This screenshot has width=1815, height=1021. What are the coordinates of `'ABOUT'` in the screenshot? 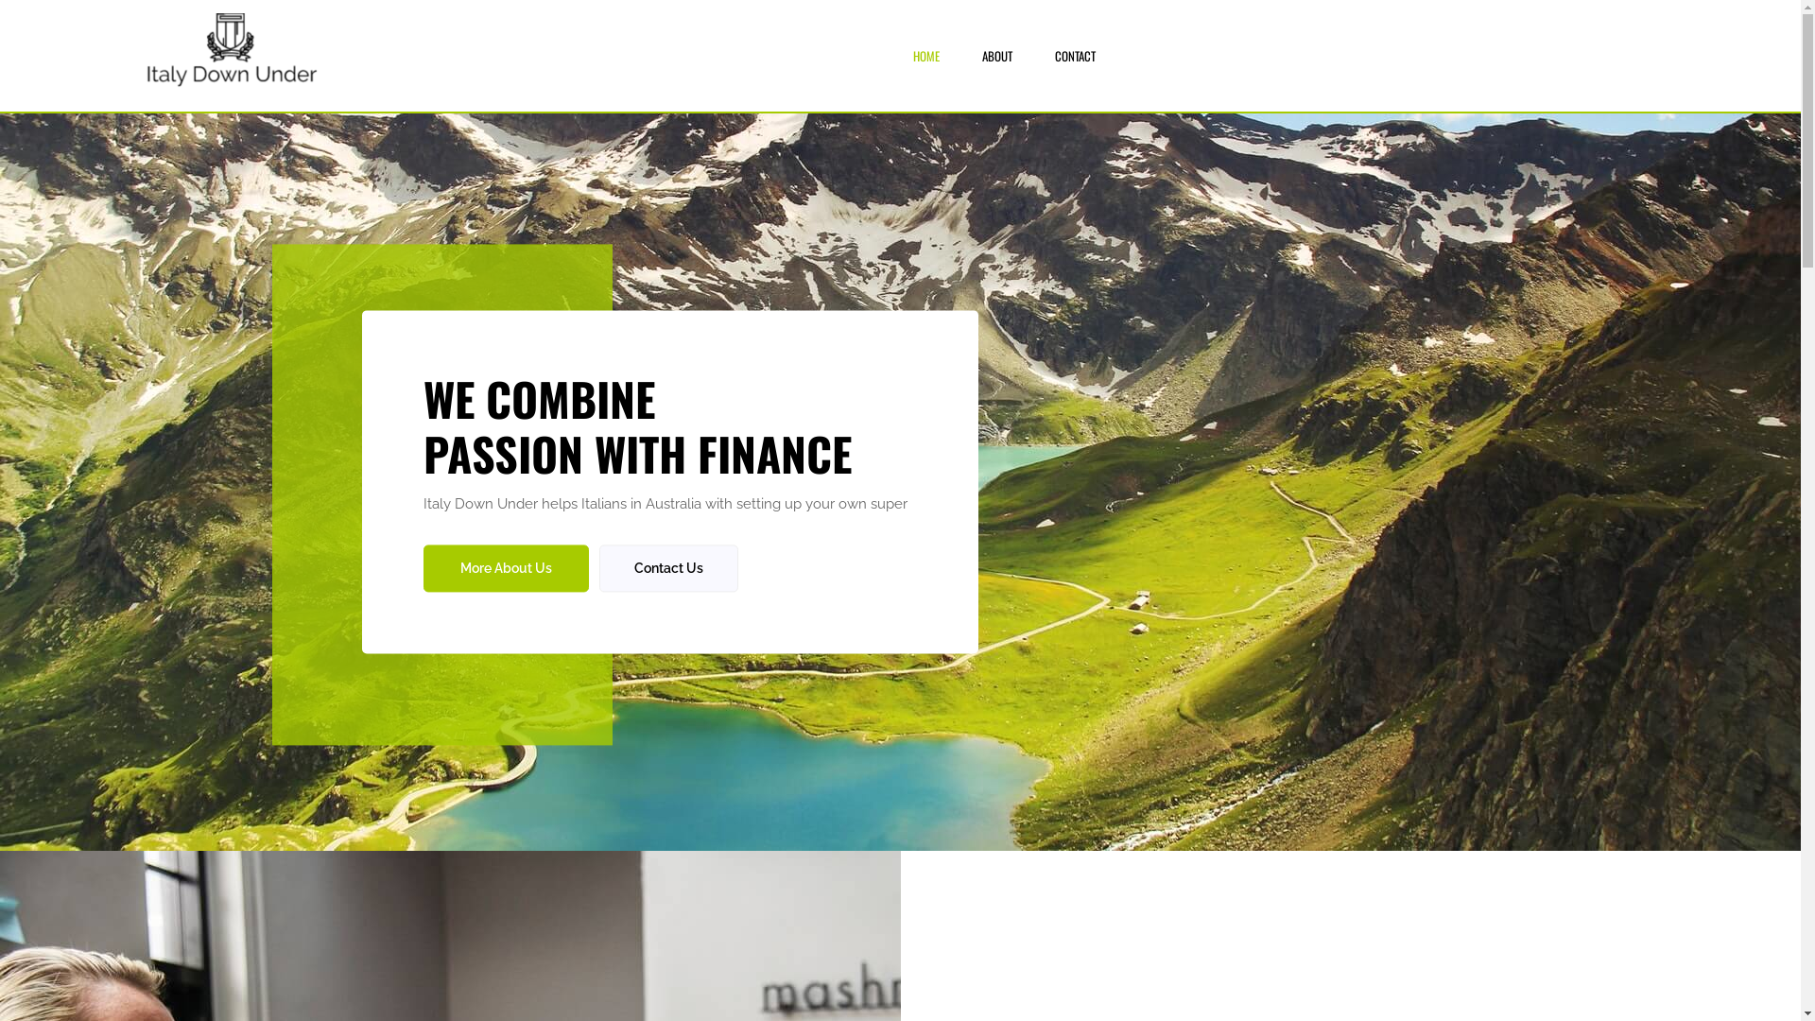 It's located at (996, 54).